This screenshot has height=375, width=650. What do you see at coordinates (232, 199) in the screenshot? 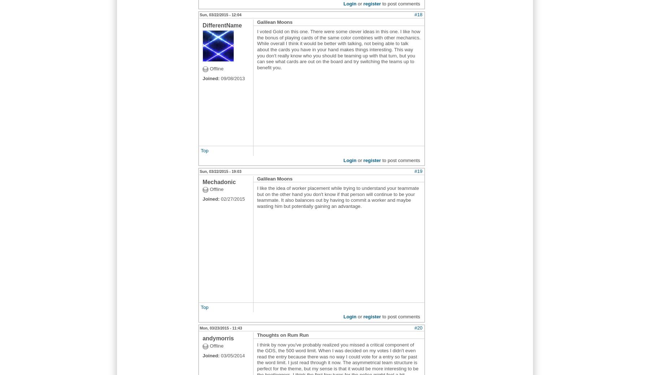
I see `'02/27/2015'` at bounding box center [232, 199].